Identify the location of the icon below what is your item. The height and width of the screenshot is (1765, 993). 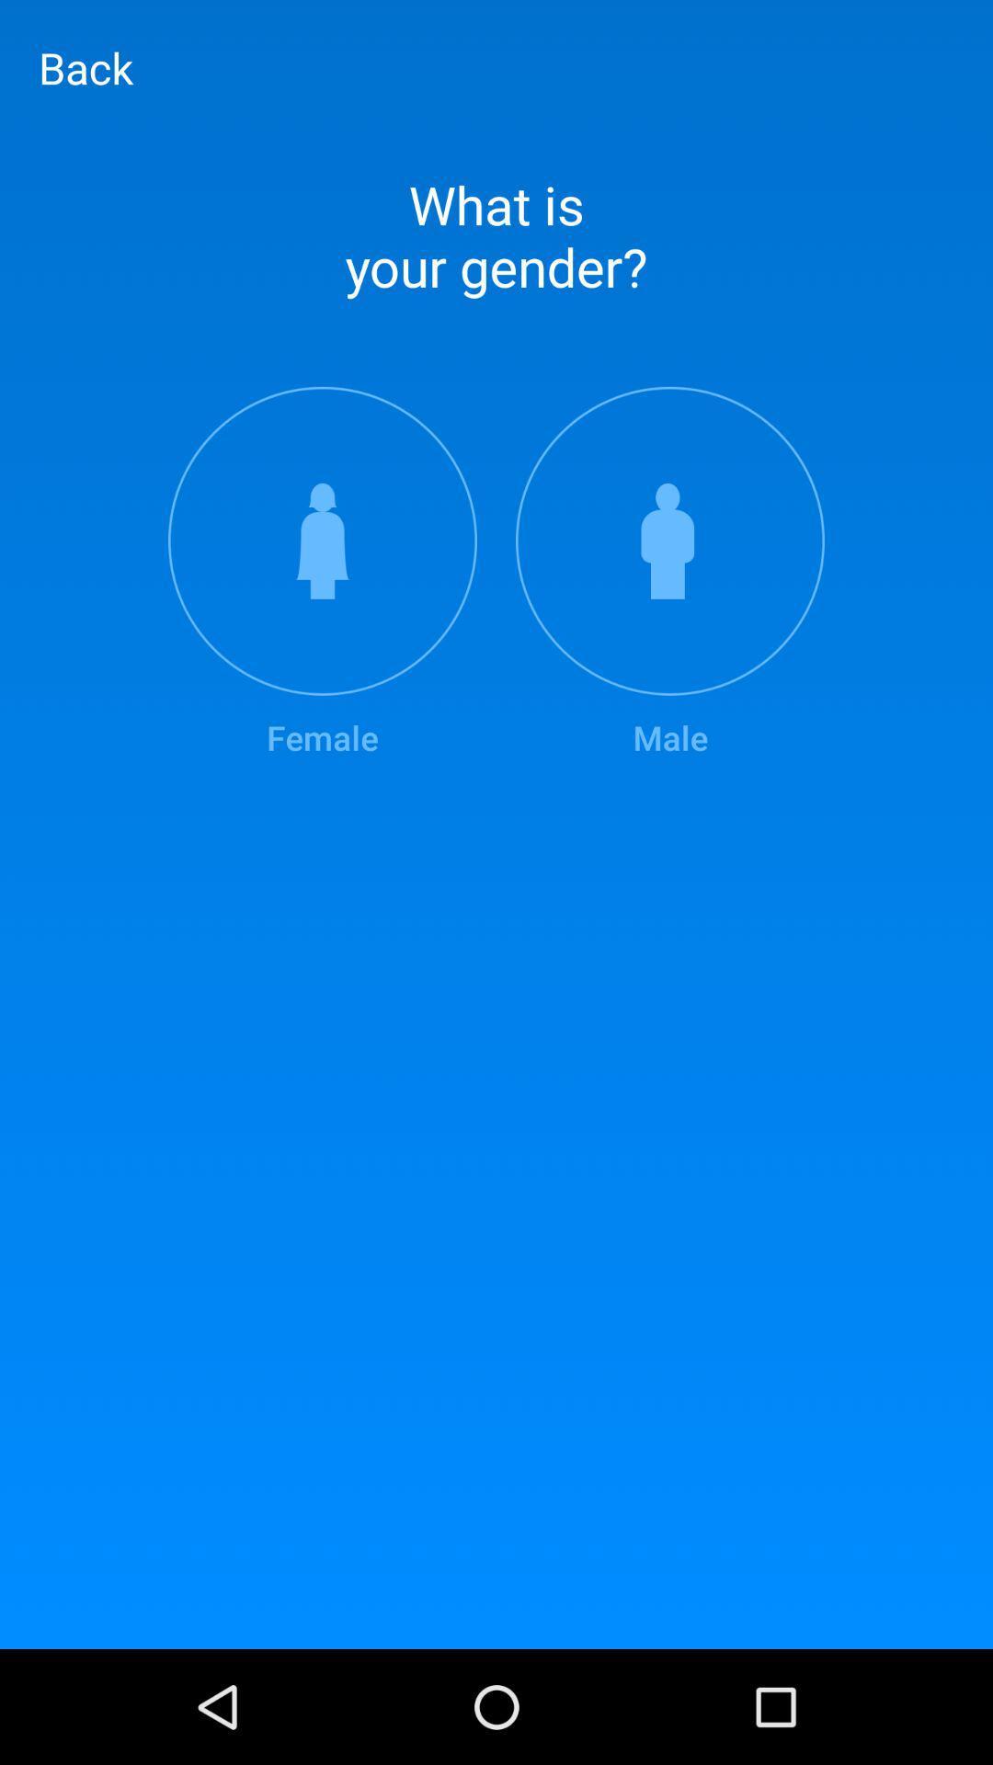
(670, 573).